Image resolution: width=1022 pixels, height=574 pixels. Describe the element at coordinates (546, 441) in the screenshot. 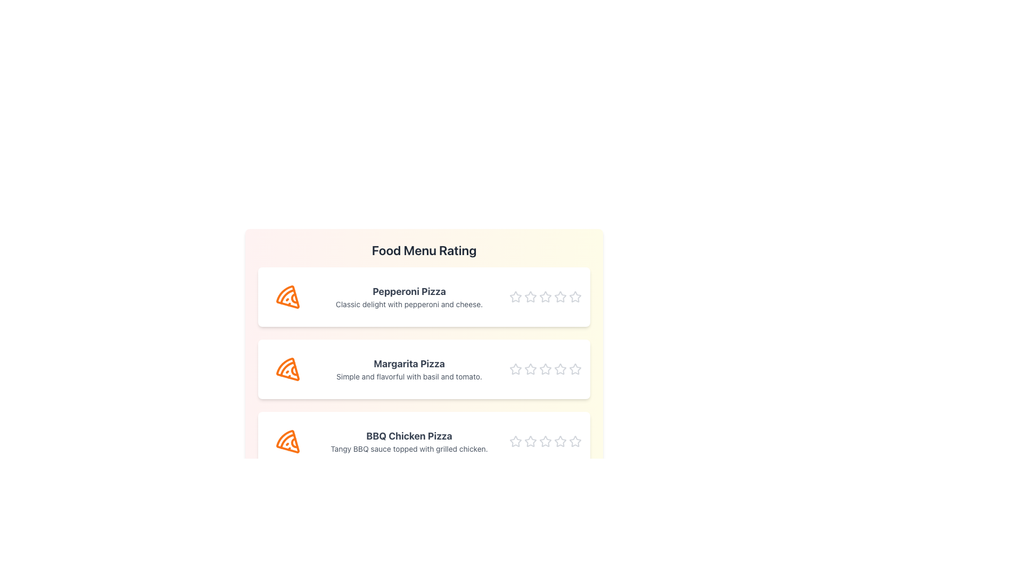

I see `the third star icon from the left` at that location.